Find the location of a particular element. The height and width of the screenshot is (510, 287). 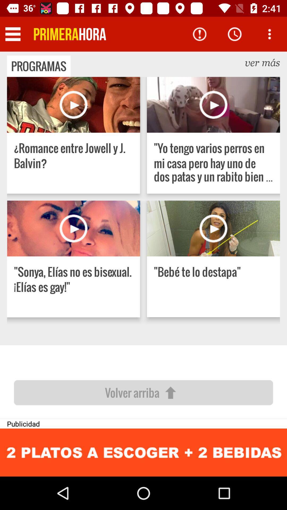

click for list view is located at coordinates (12, 34).